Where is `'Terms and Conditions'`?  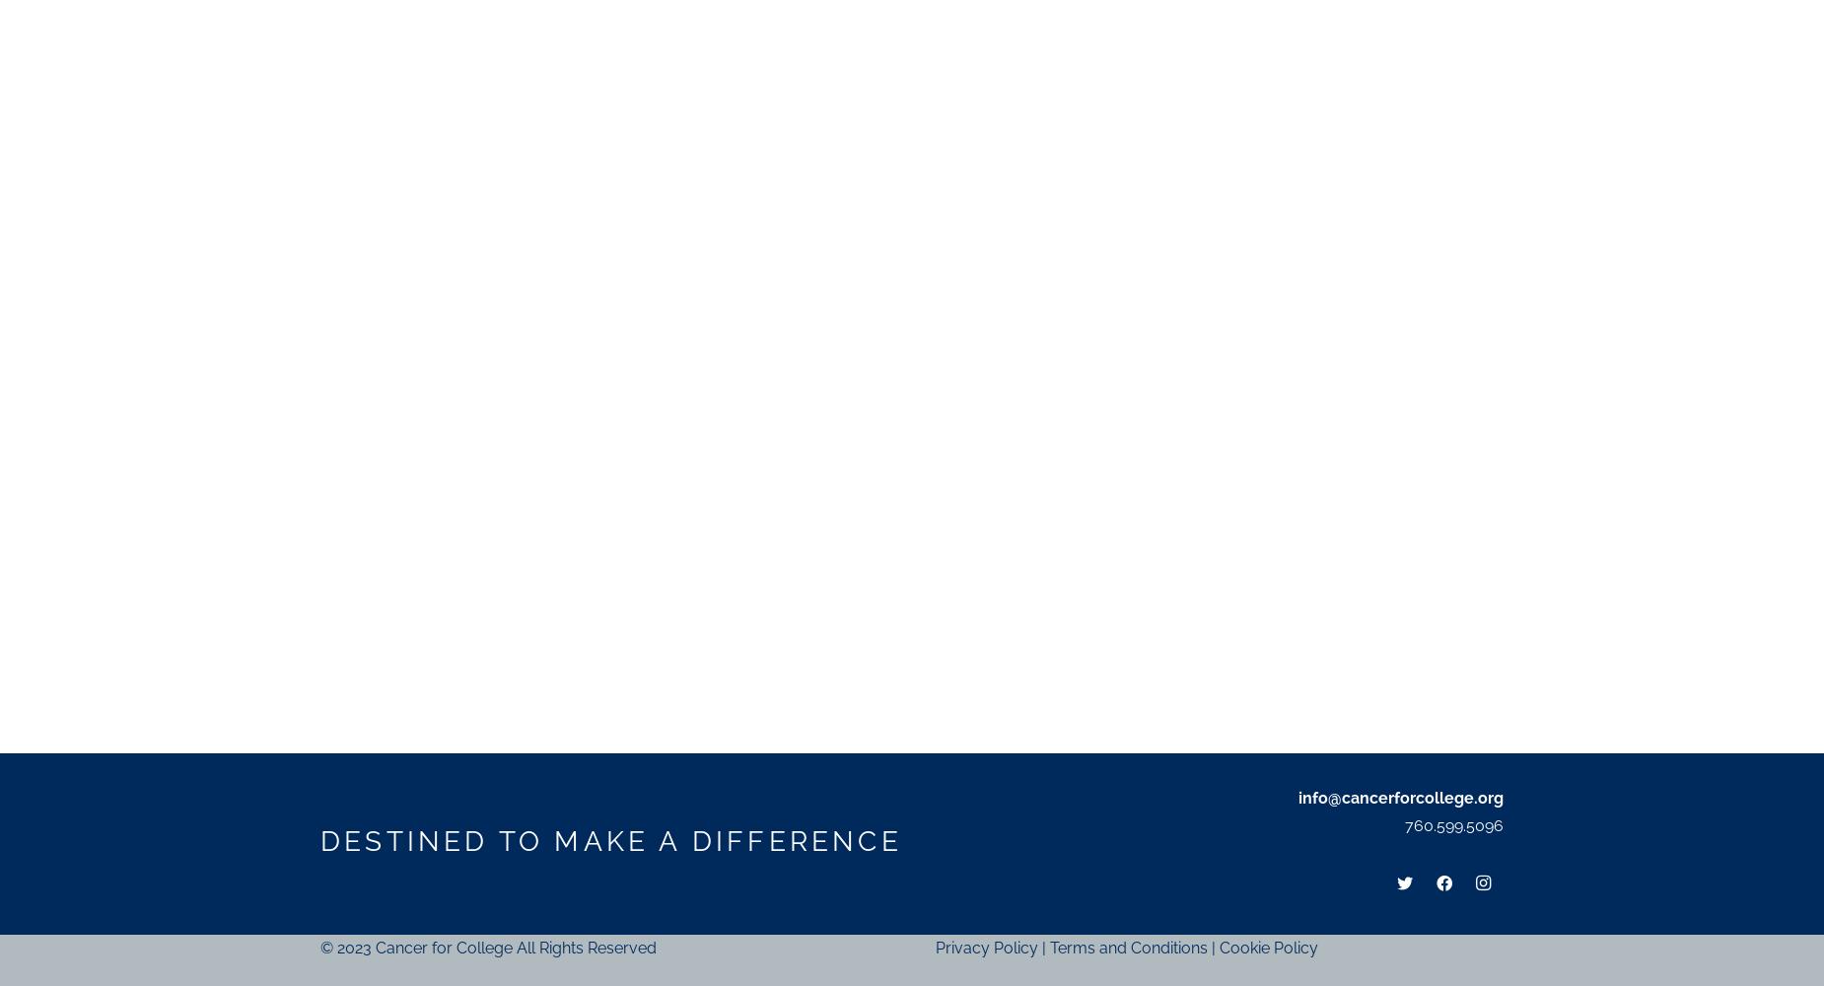 'Terms and Conditions' is located at coordinates (1127, 947).